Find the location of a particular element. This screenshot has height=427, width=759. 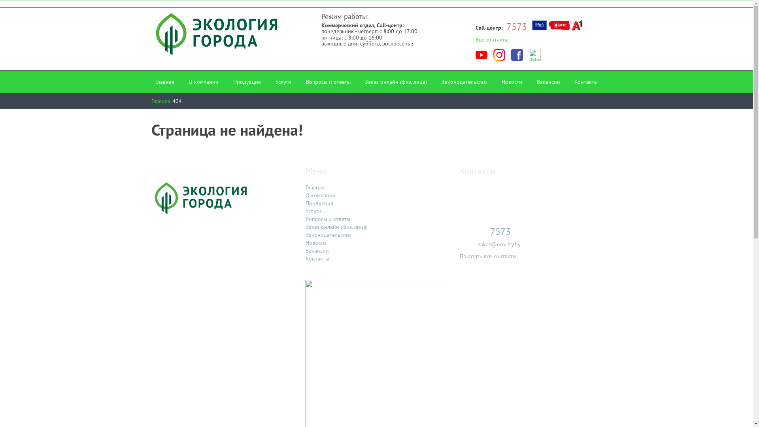

'7573' is located at coordinates (516, 26).